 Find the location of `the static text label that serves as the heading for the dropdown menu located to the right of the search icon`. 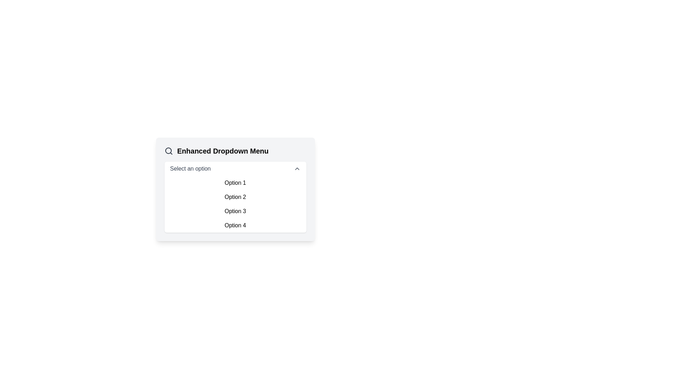

the static text label that serves as the heading for the dropdown menu located to the right of the search icon is located at coordinates (222, 150).